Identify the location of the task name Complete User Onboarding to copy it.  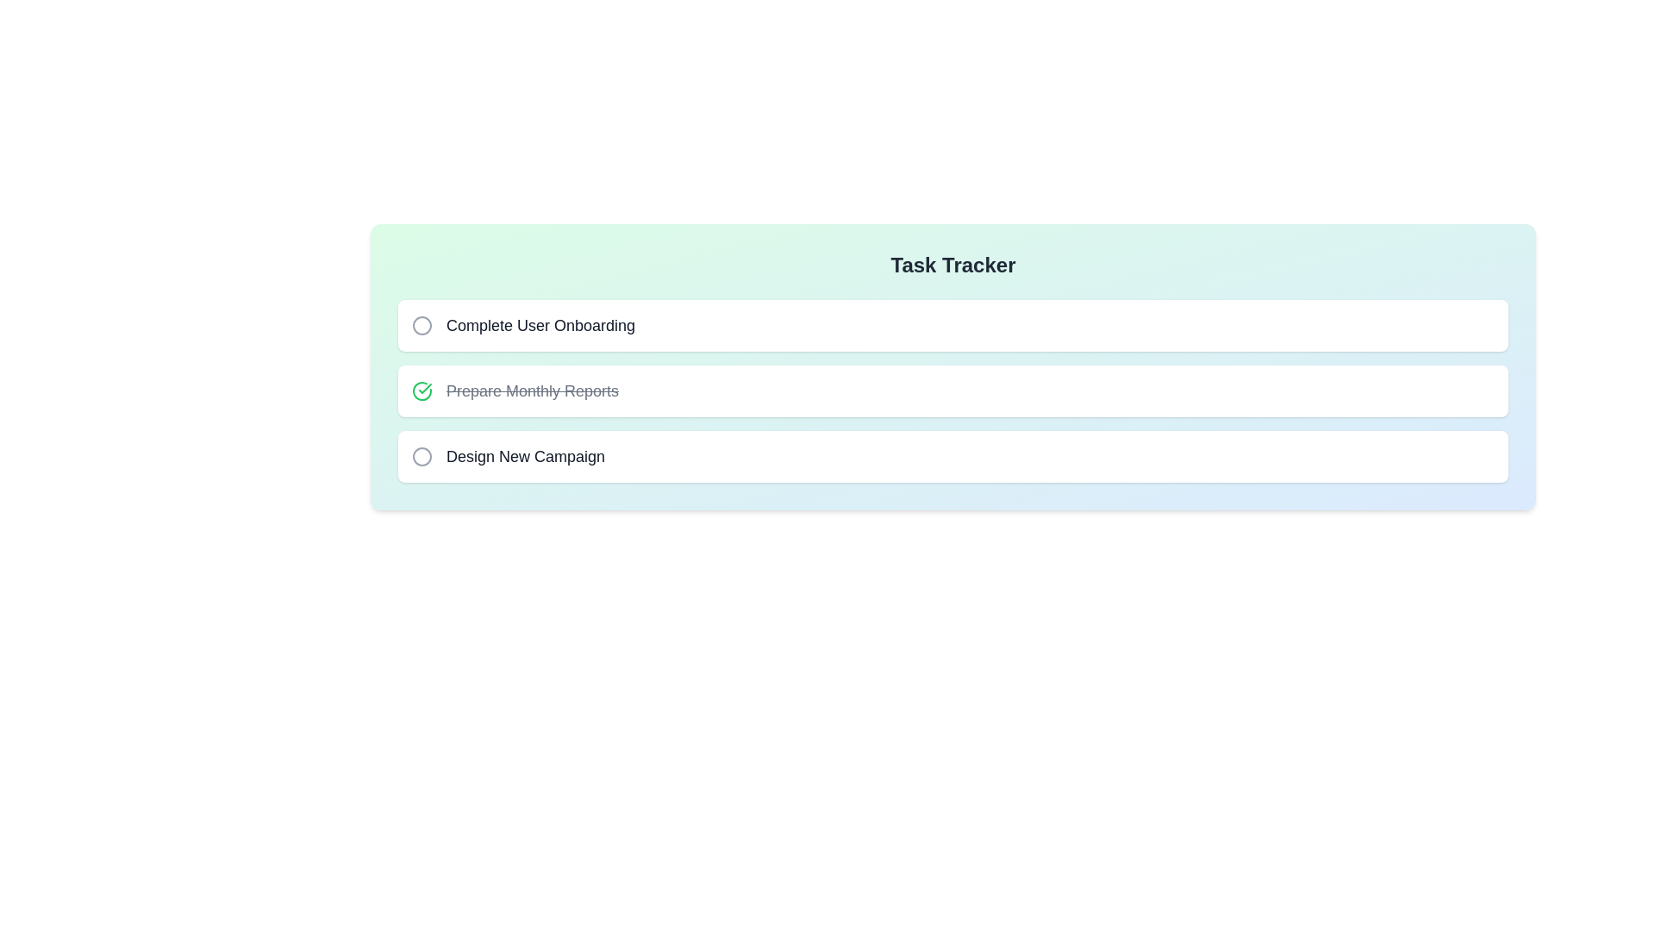
(540, 326).